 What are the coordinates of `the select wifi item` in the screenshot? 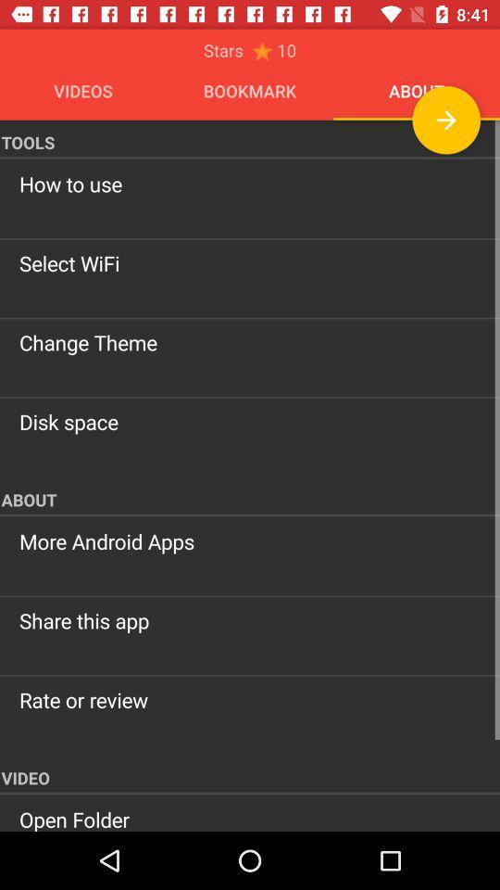 It's located at (250, 262).